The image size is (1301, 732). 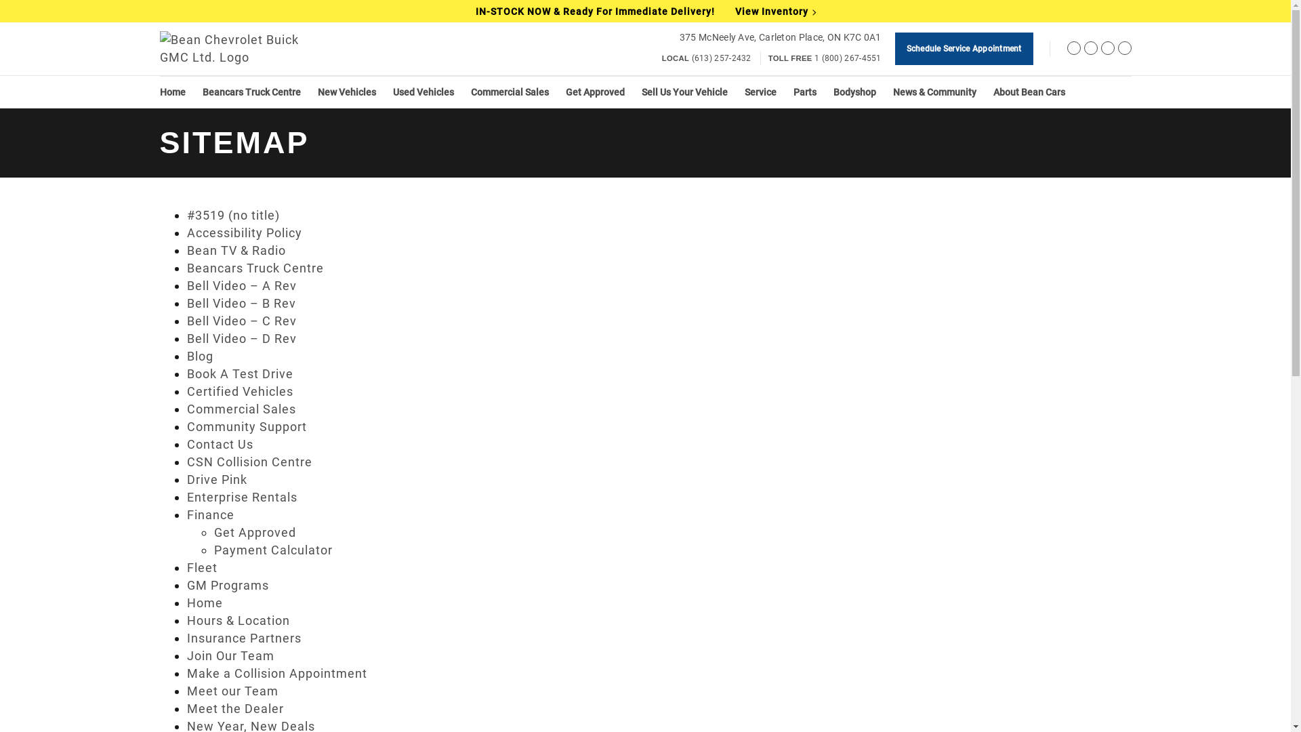 I want to click on 'Insurance Partners', so click(x=244, y=638).